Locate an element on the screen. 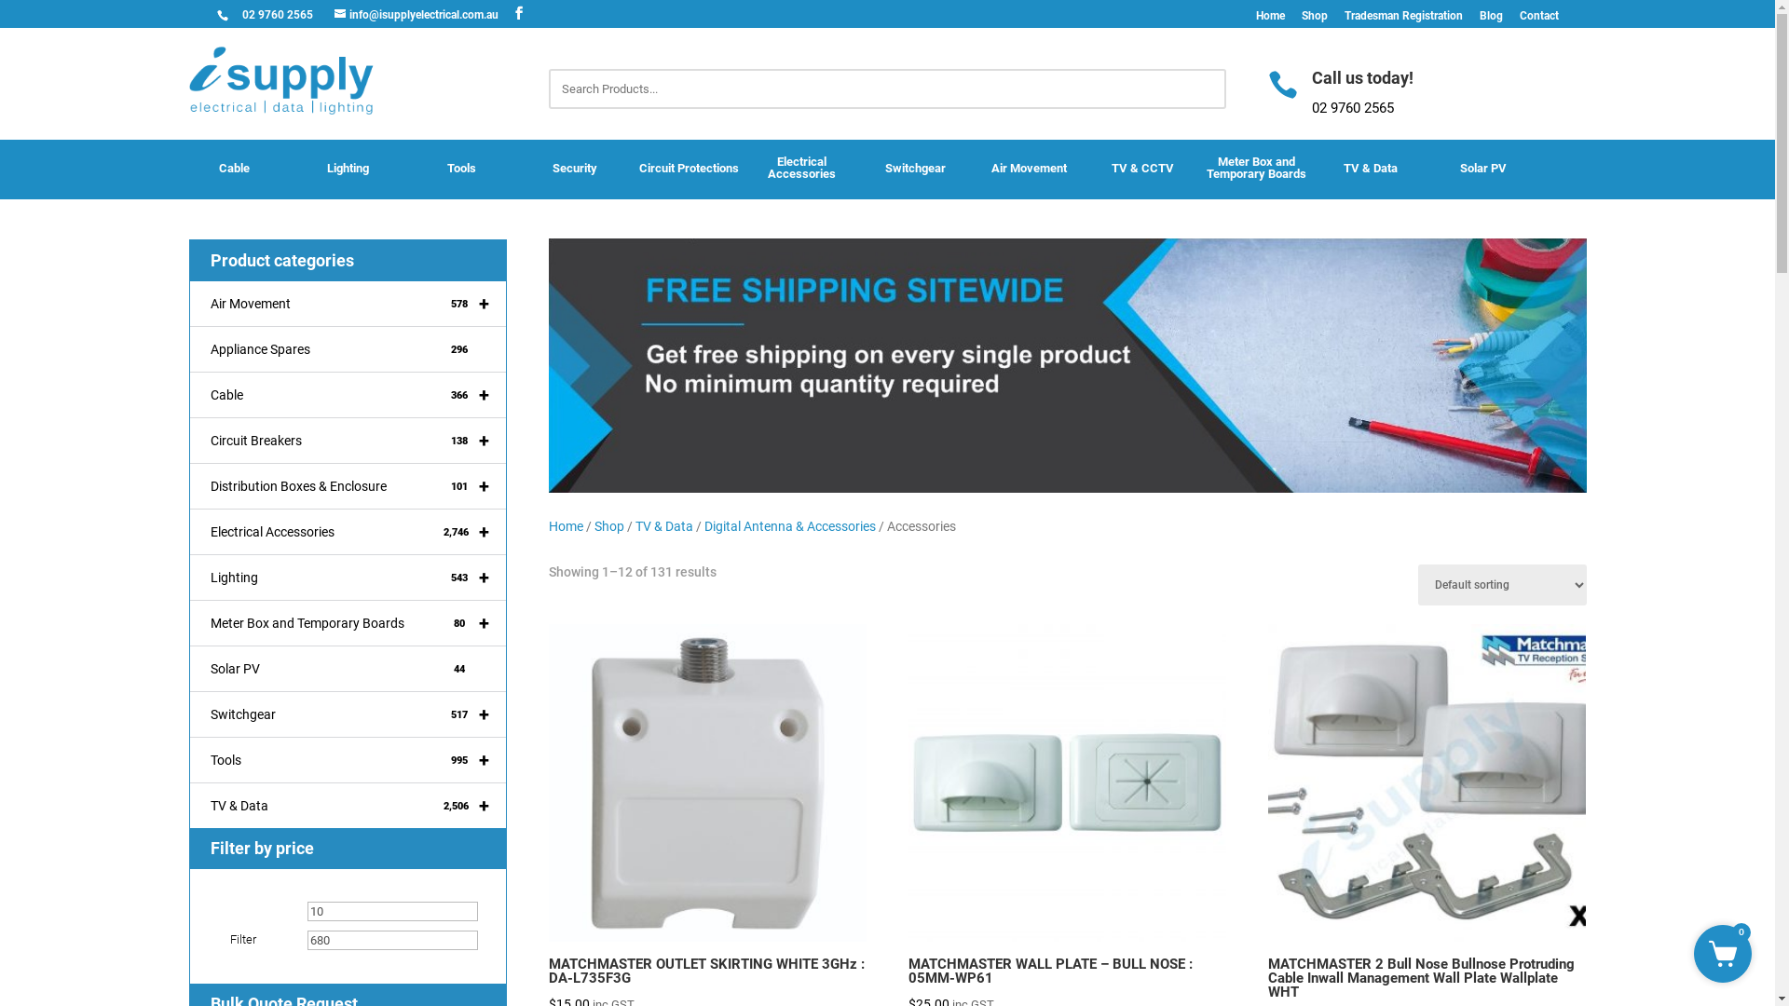 The height and width of the screenshot is (1006, 1789). 'Appliance Spares is located at coordinates (348, 349).